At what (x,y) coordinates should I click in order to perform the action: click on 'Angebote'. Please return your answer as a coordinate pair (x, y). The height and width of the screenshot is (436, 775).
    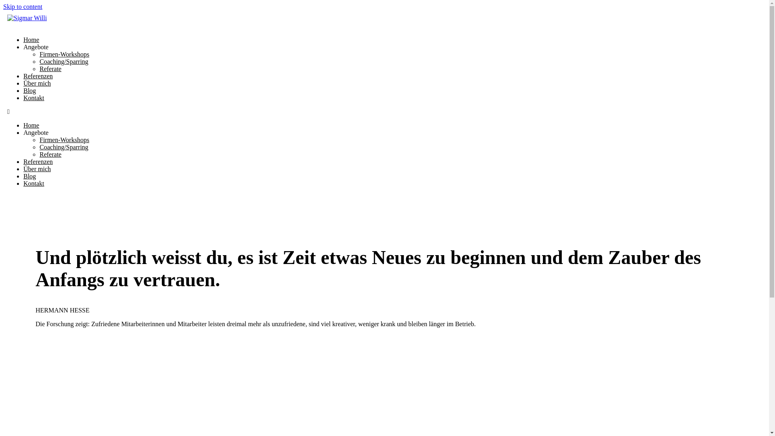
    Looking at the image, I should click on (36, 47).